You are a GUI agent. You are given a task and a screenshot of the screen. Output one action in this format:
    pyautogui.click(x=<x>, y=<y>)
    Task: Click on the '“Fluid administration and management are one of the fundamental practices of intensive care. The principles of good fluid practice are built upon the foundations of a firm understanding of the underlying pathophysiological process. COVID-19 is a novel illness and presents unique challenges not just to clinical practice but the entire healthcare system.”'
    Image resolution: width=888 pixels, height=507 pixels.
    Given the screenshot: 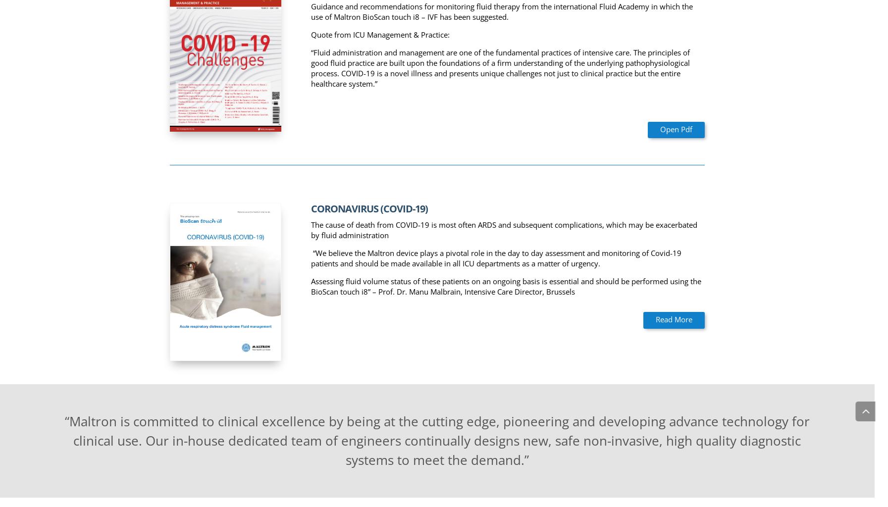 What is the action you would take?
    pyautogui.click(x=500, y=67)
    